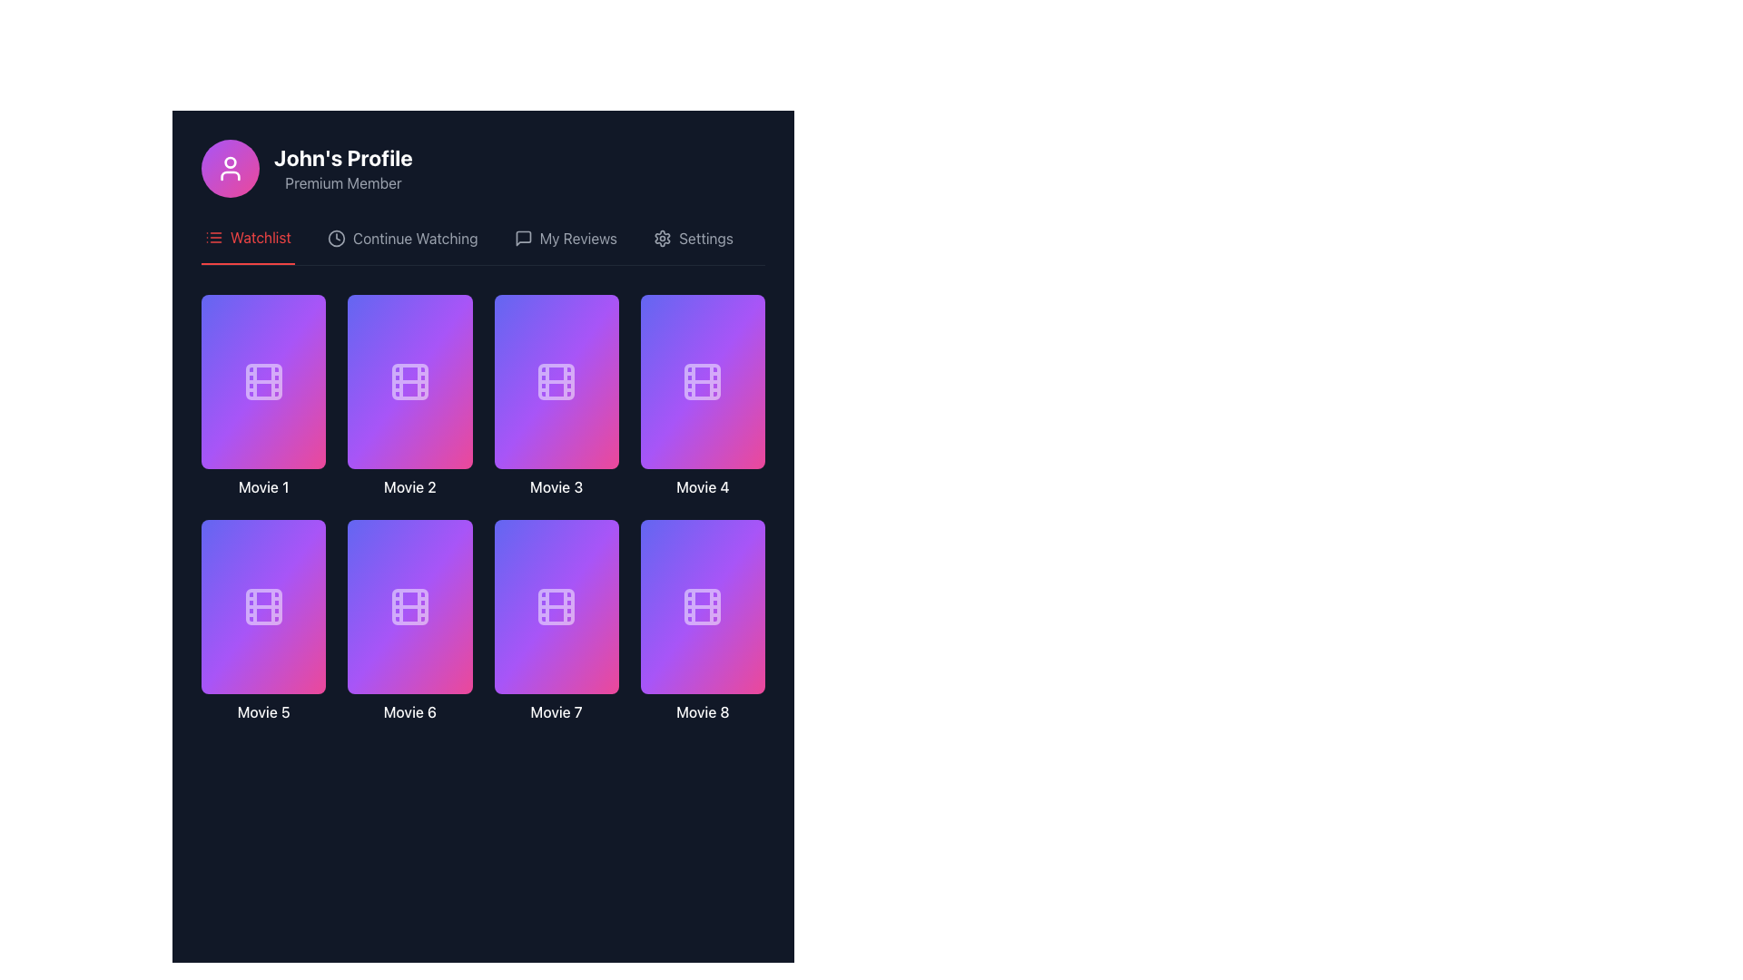 This screenshot has height=980, width=1743. Describe the element at coordinates (662, 237) in the screenshot. I see `the gear or cogwheel icon representing settings, which is located near the top-right corner of the interface, just before the text label 'Settings'` at that location.